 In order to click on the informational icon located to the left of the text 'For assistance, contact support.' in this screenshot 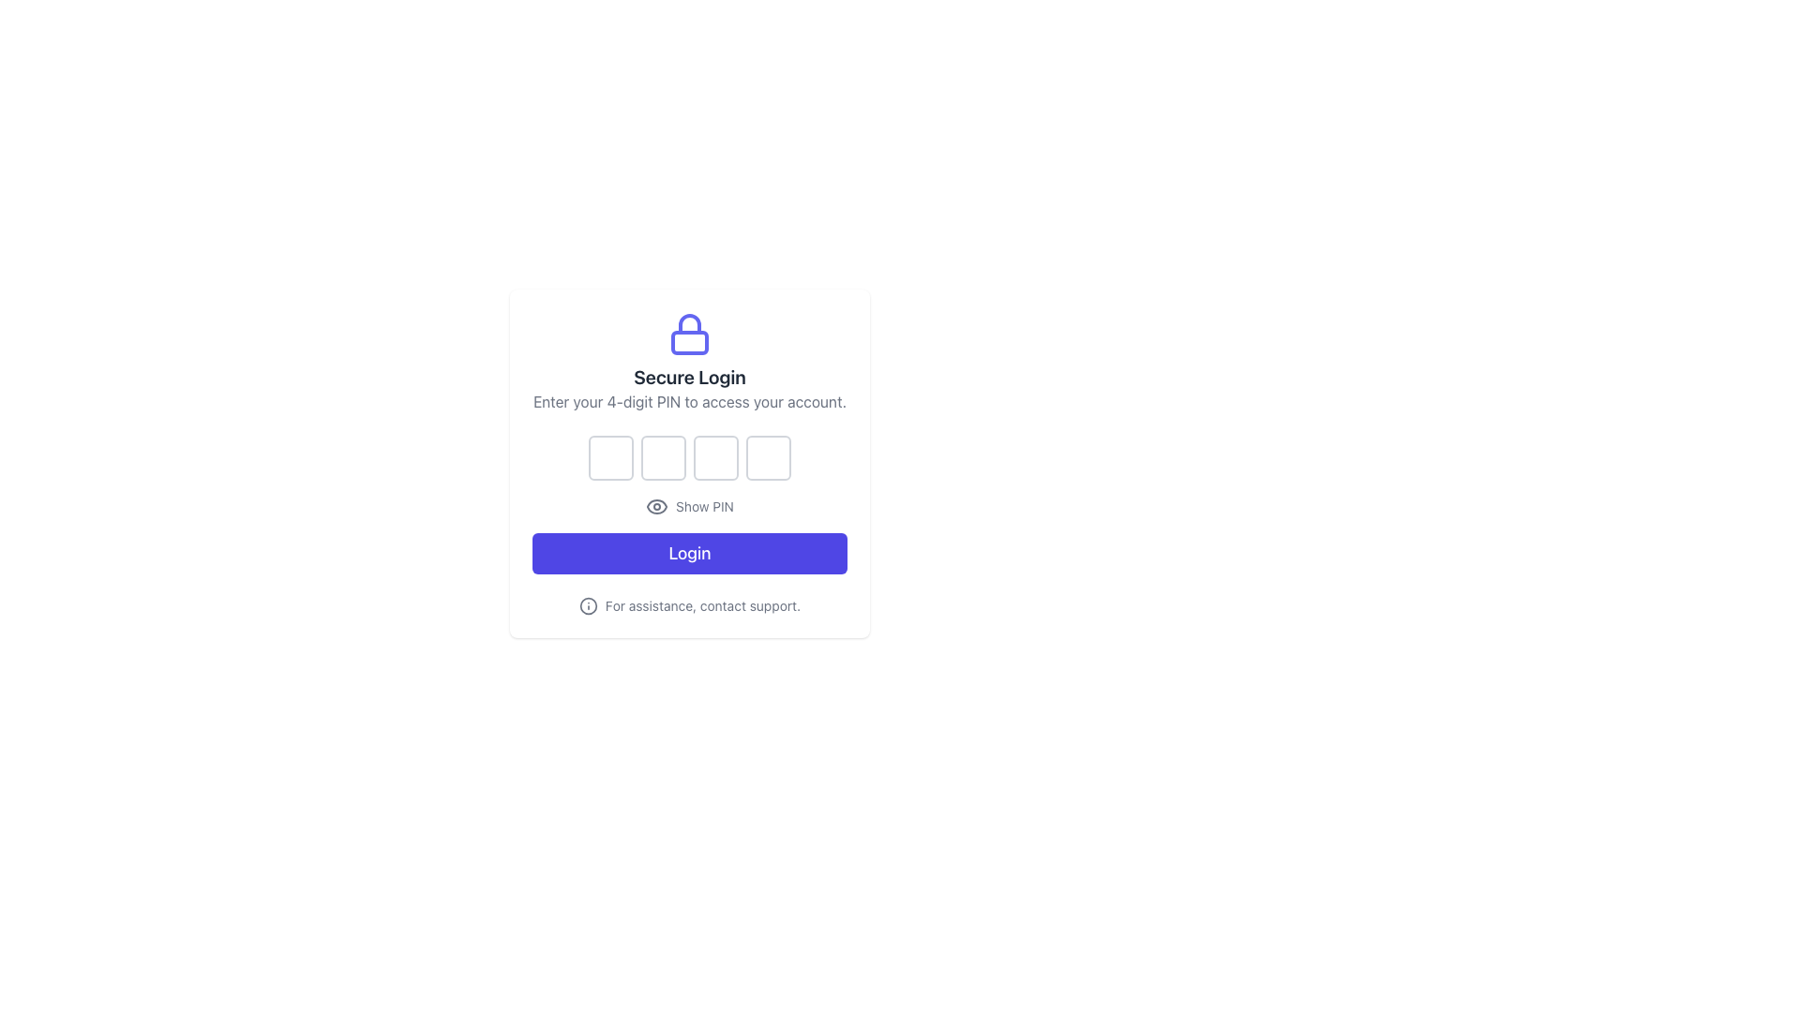, I will do `click(587, 606)`.